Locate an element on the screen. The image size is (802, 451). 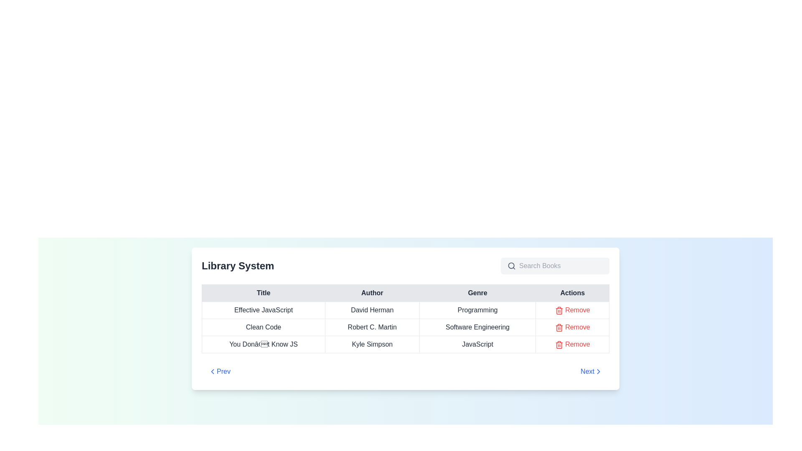
the text label displaying the author's name 'Kyle Simpson', located in the second column under the 'Author' header for the book 'You Don’t Know JS' is located at coordinates (372, 345).